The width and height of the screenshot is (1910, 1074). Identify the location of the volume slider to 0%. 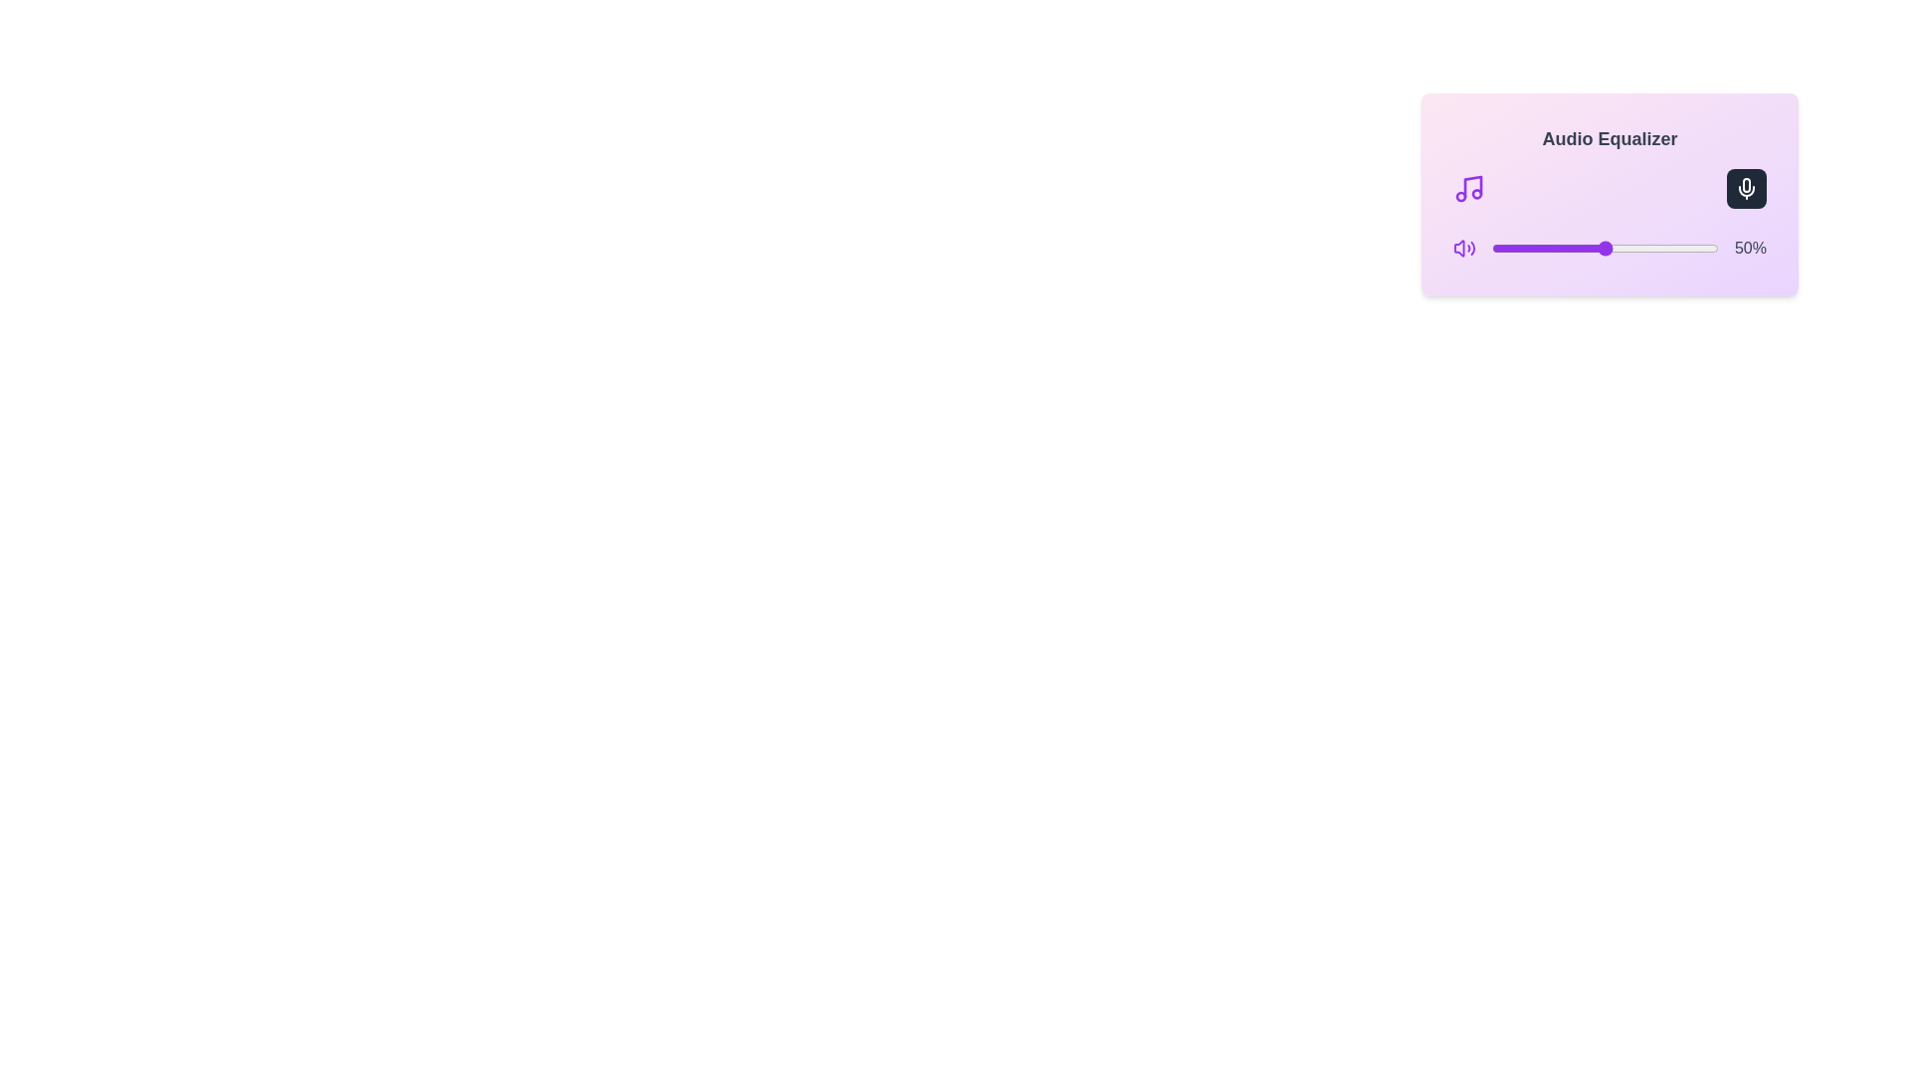
(1491, 248).